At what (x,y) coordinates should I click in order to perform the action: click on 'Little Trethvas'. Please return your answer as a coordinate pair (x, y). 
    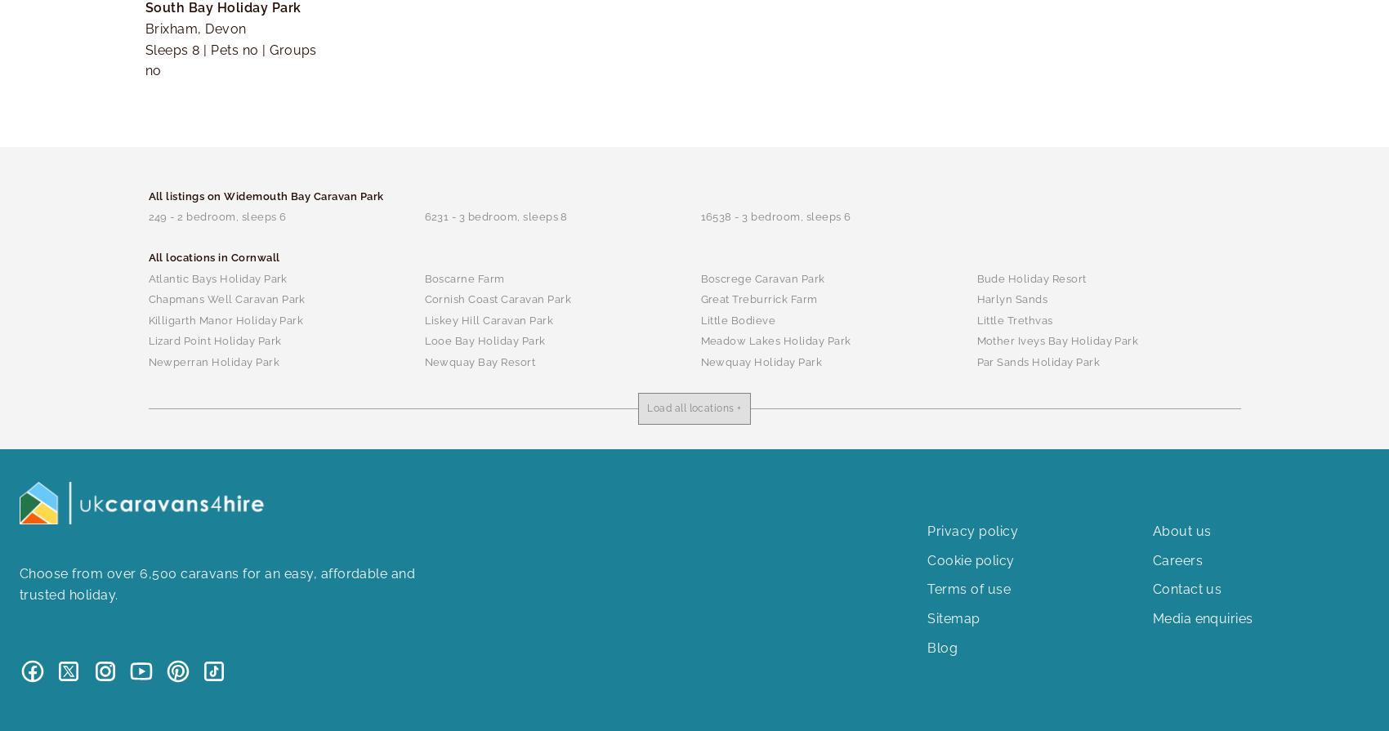
    Looking at the image, I should click on (1013, 319).